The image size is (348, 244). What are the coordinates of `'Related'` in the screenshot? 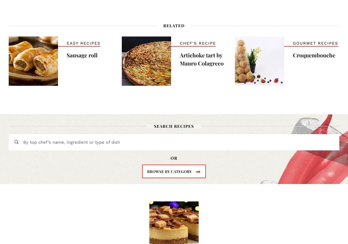 It's located at (163, 25).